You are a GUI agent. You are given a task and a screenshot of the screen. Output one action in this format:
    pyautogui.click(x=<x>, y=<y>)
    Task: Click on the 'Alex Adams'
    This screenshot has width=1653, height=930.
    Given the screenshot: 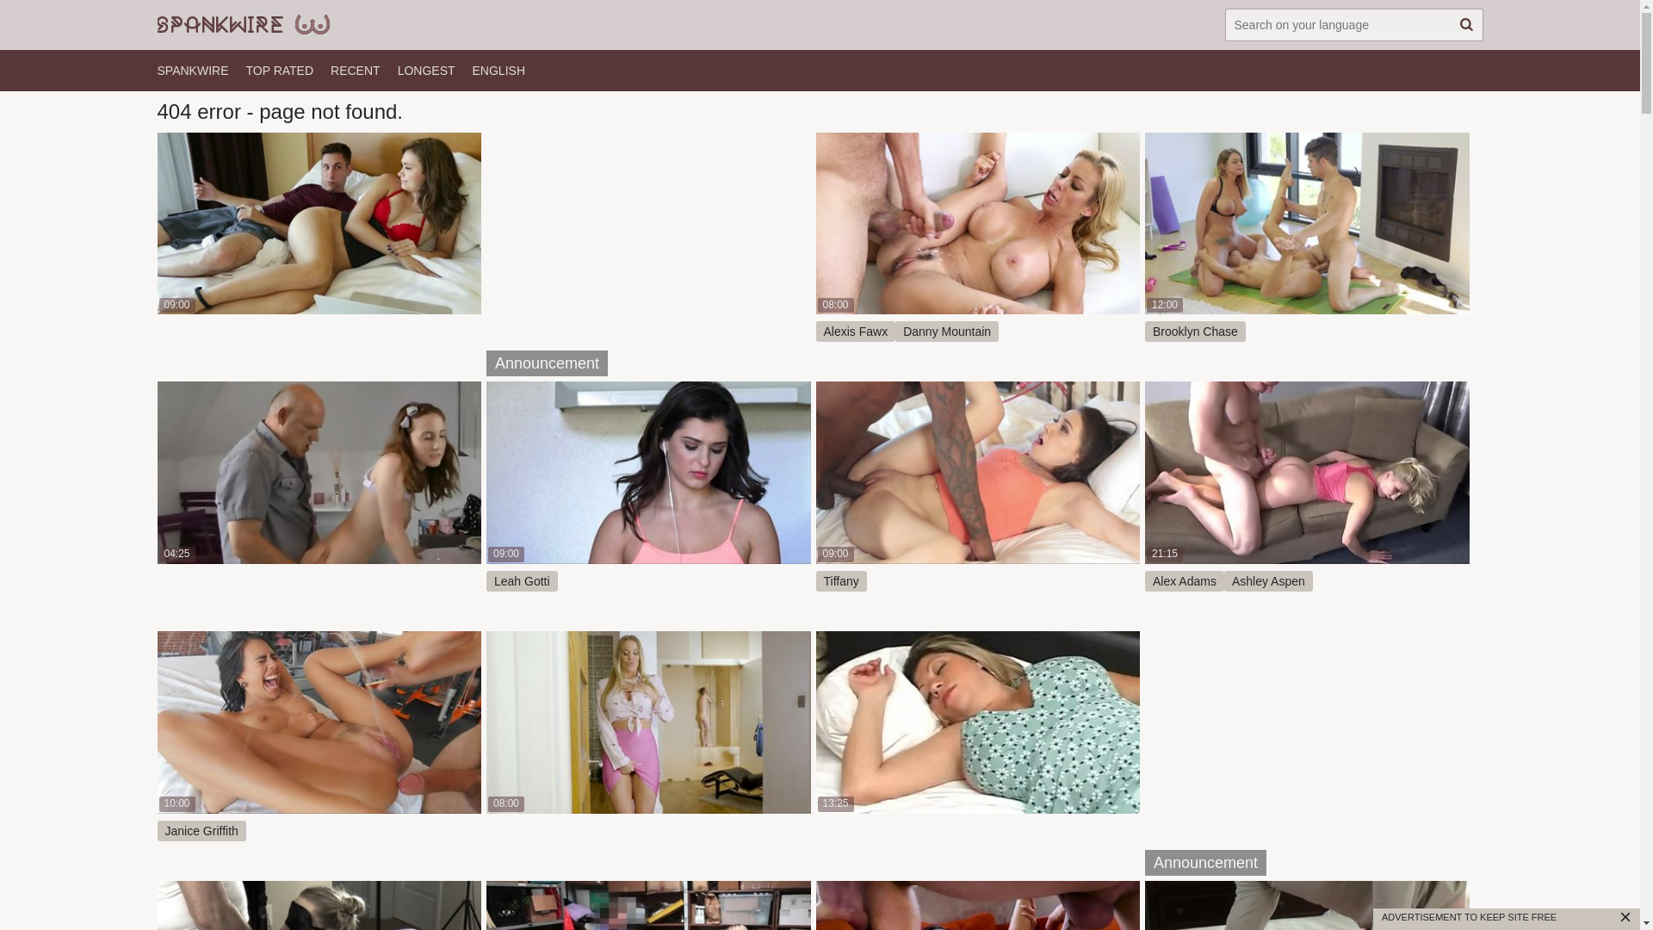 What is the action you would take?
    pyautogui.click(x=1184, y=581)
    